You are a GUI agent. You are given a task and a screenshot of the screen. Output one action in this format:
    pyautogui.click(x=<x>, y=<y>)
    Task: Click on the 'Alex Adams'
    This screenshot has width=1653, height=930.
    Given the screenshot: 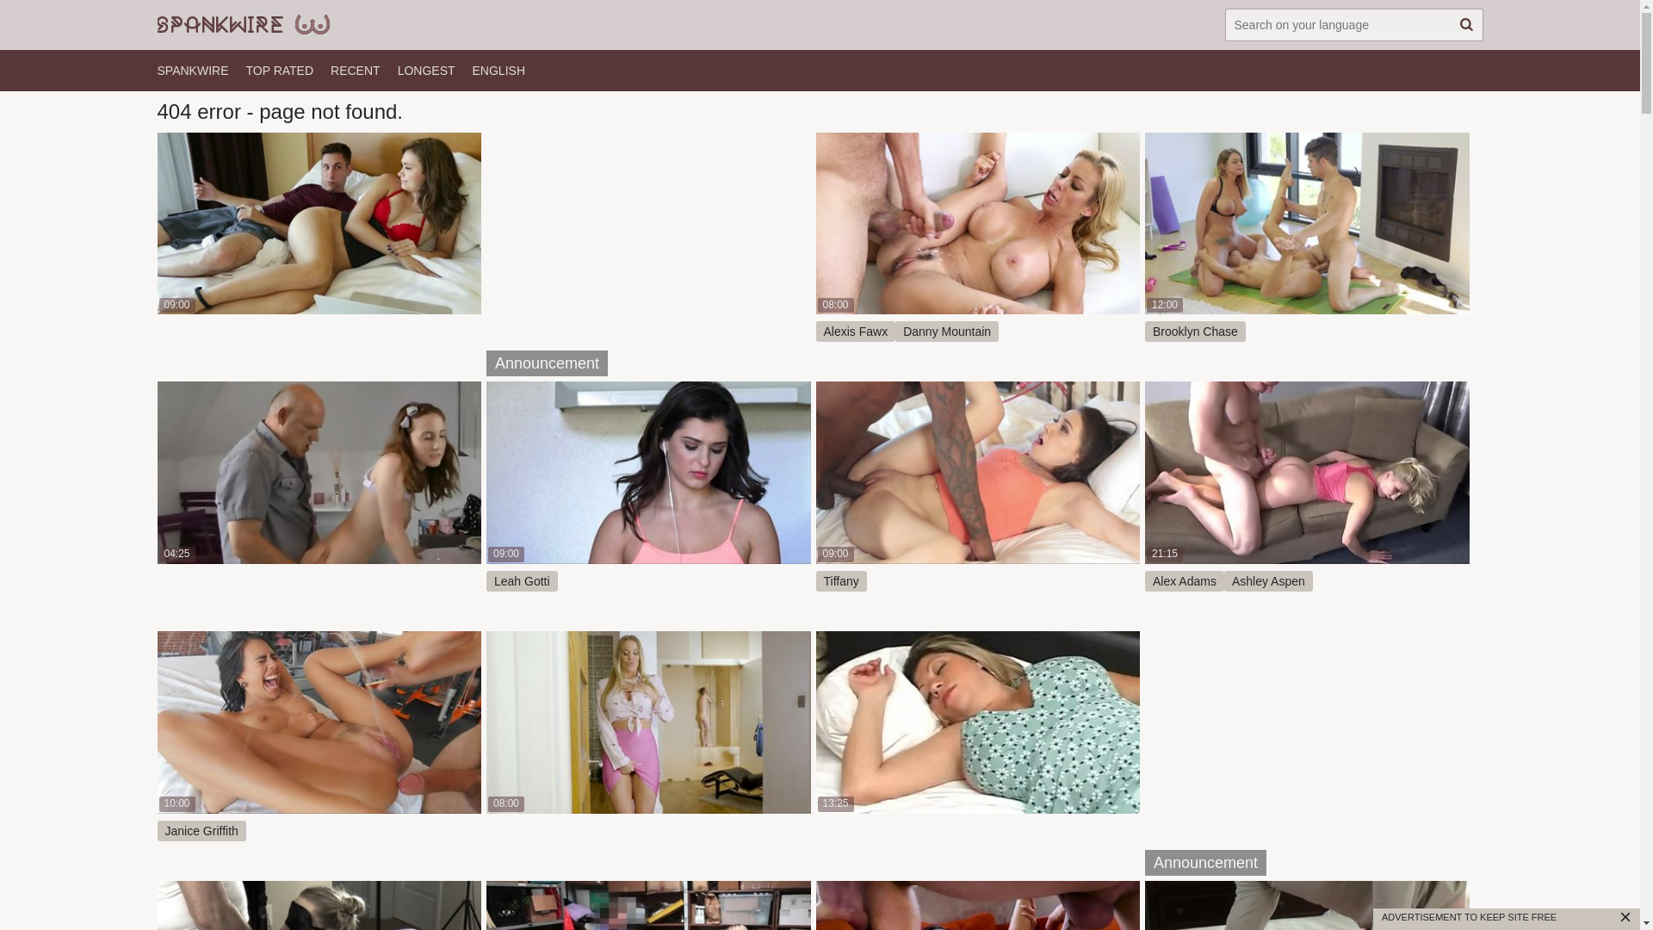 What is the action you would take?
    pyautogui.click(x=1184, y=581)
    